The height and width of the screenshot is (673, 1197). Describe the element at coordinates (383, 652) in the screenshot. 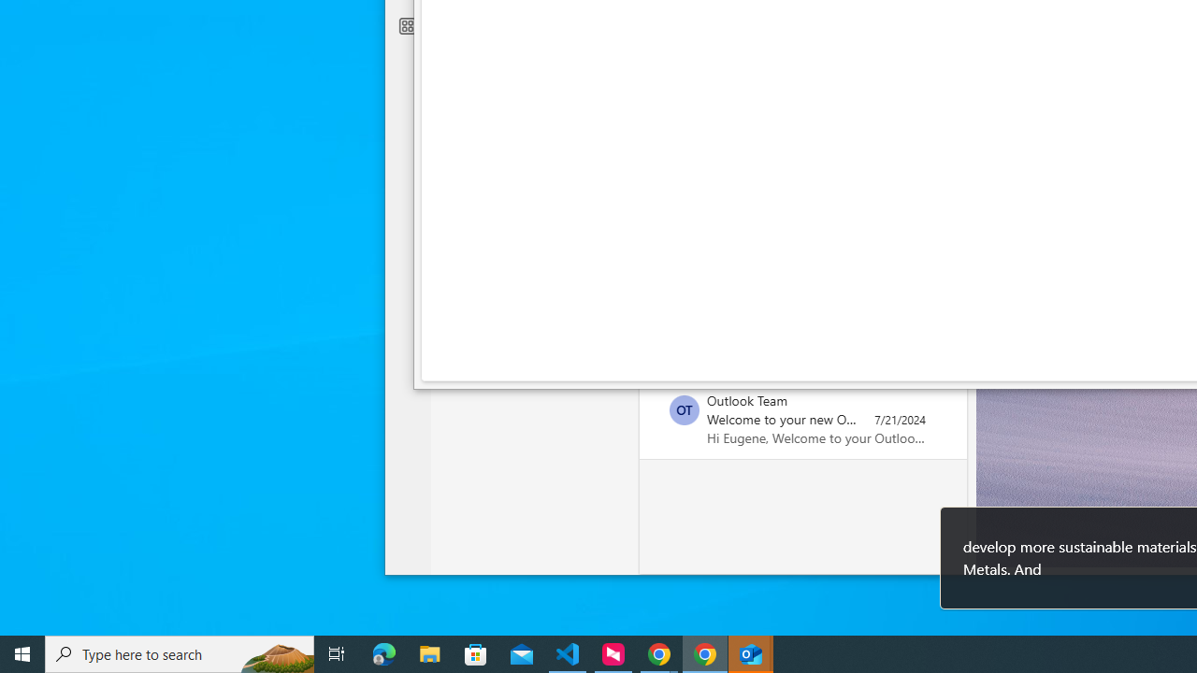

I see `'Microsoft Edge'` at that location.